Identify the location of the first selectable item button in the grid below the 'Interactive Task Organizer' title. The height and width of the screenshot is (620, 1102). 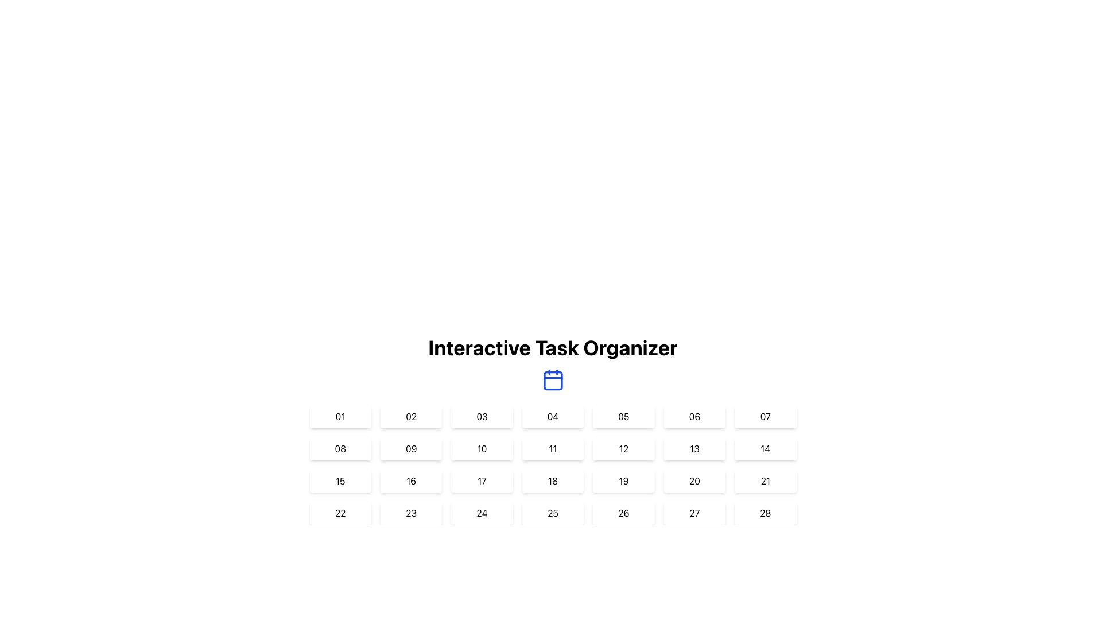
(340, 416).